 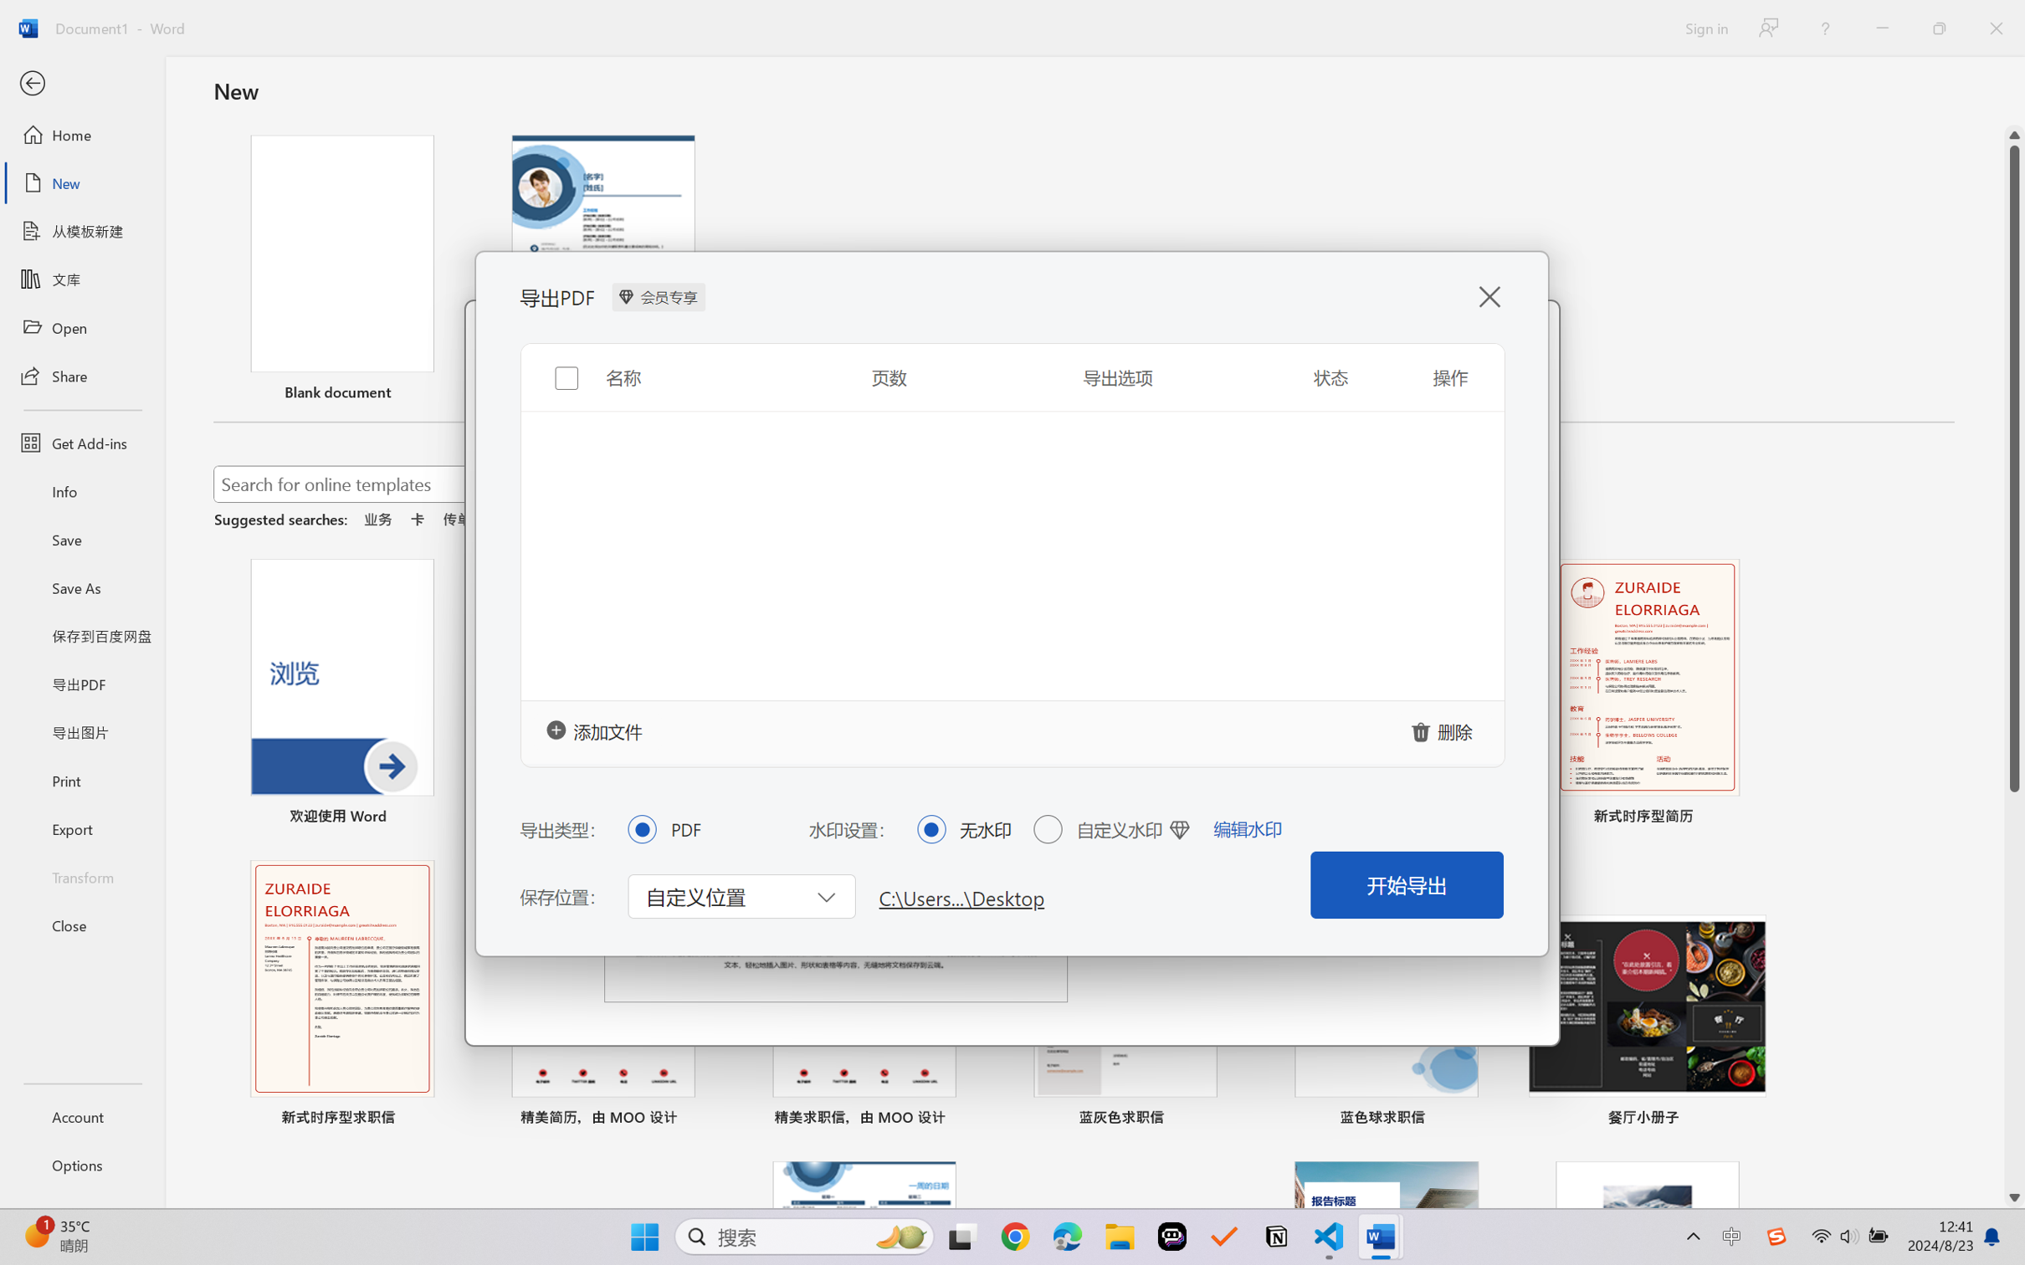 What do you see at coordinates (81, 182) in the screenshot?
I see `'New'` at bounding box center [81, 182].